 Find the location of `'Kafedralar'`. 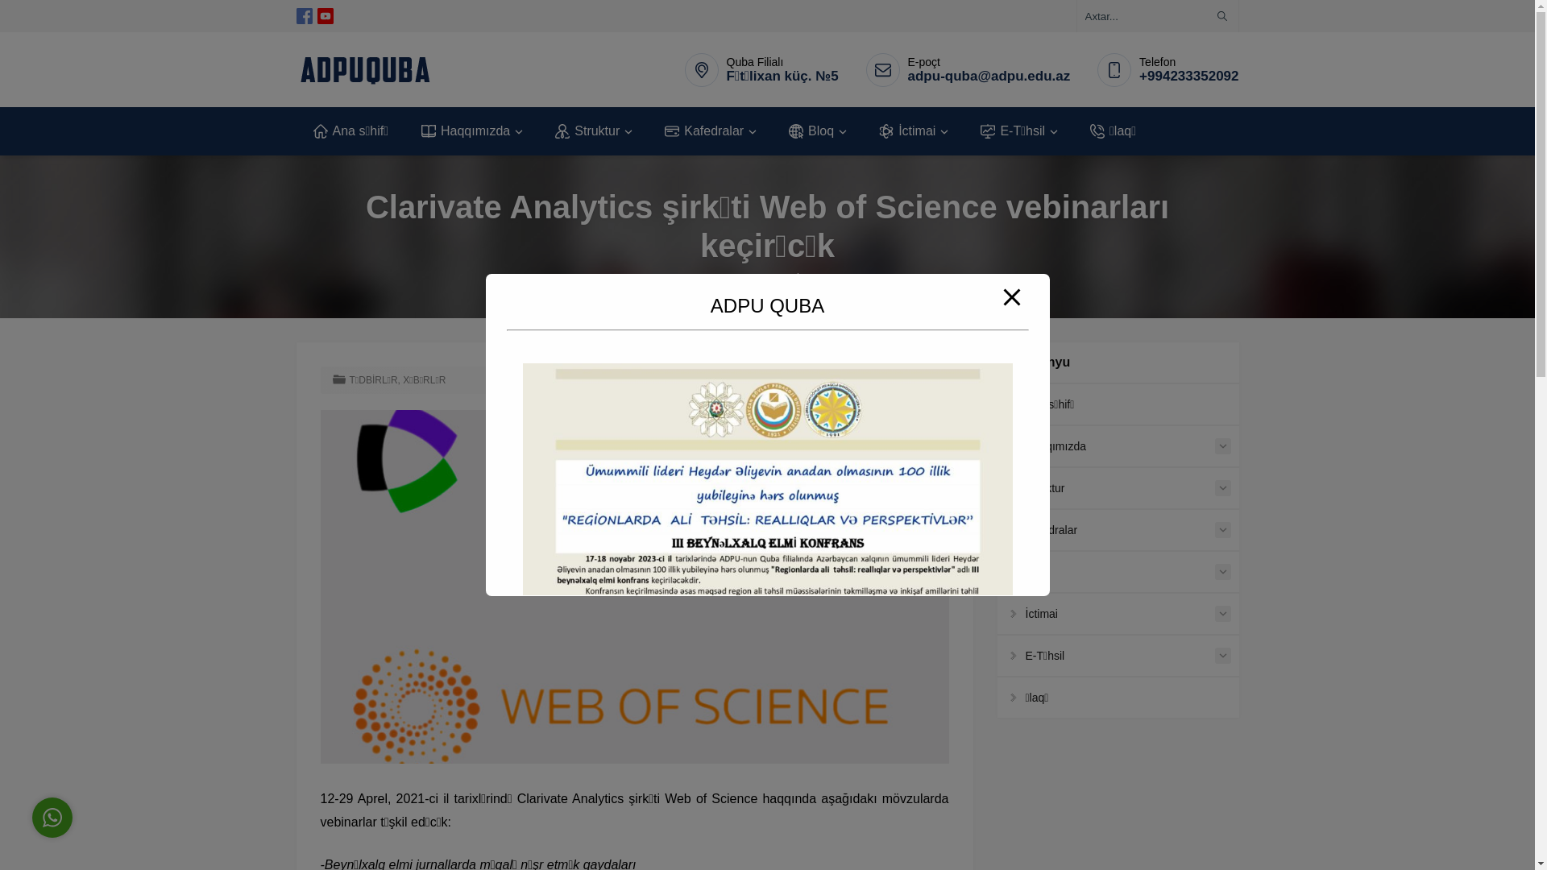

'Kafedralar' is located at coordinates (709, 130).